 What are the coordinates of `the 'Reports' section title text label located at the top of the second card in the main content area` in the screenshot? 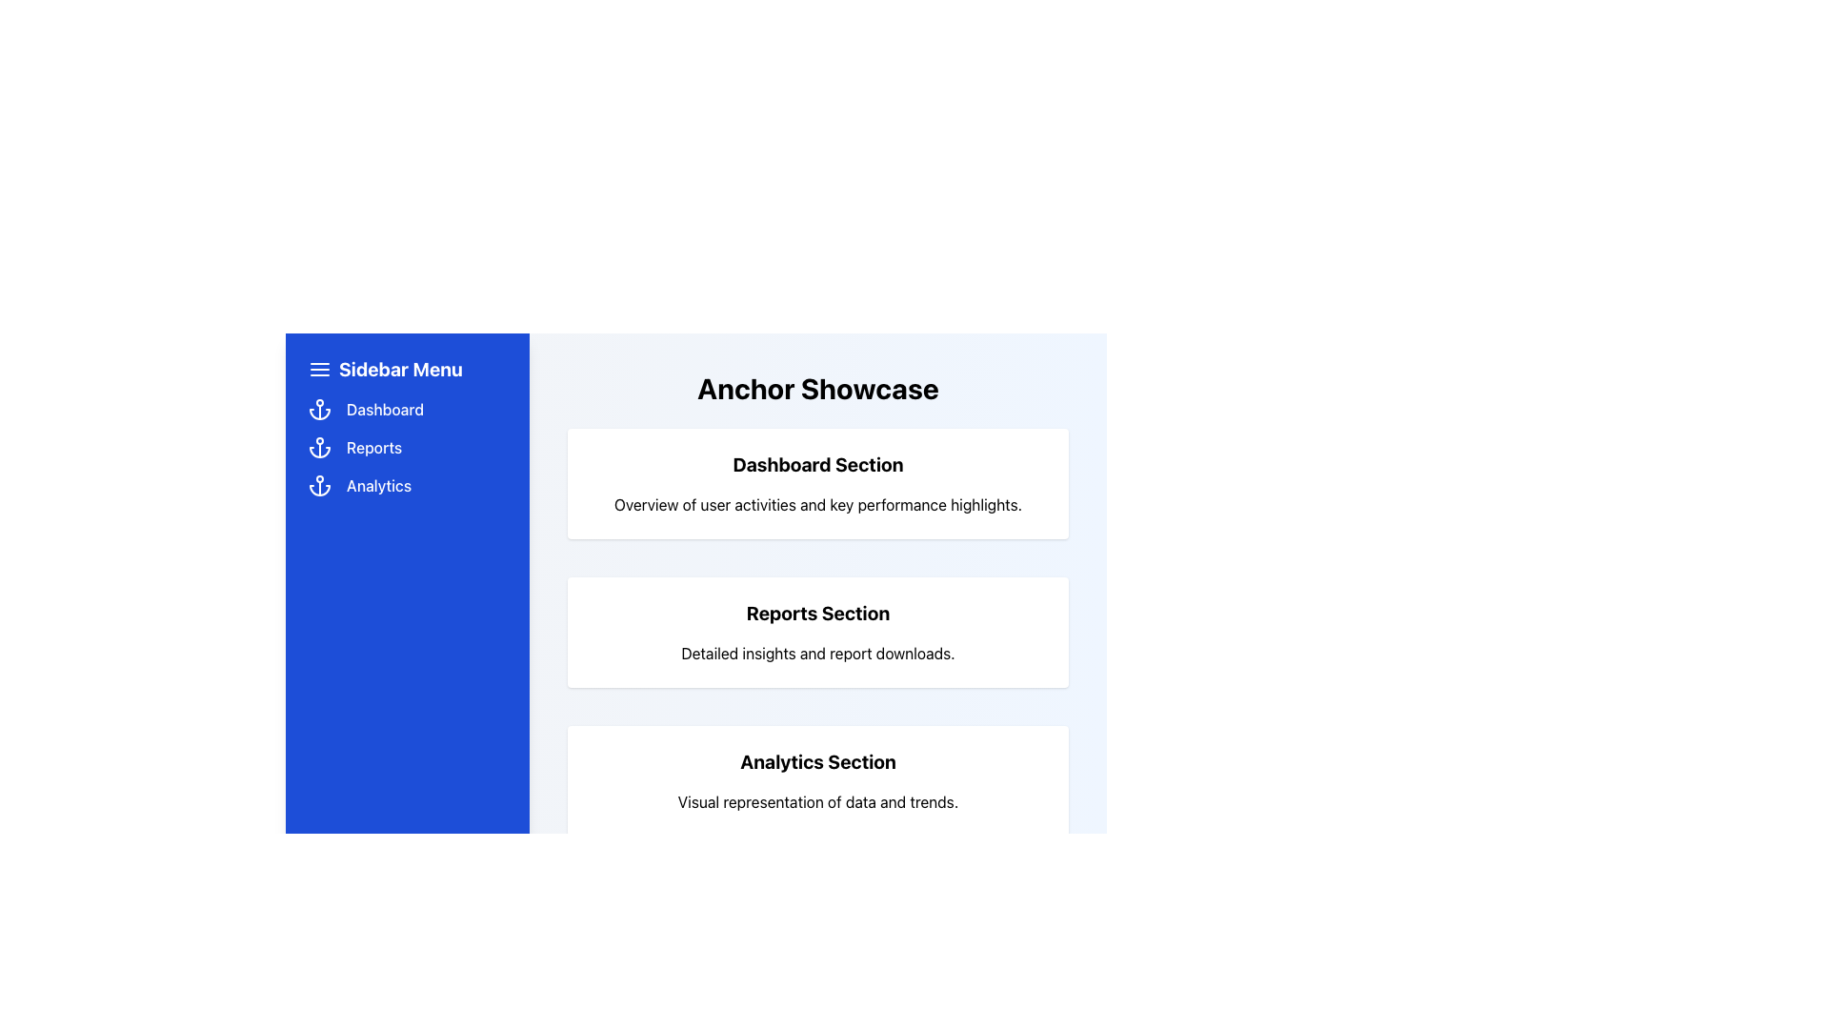 It's located at (818, 614).